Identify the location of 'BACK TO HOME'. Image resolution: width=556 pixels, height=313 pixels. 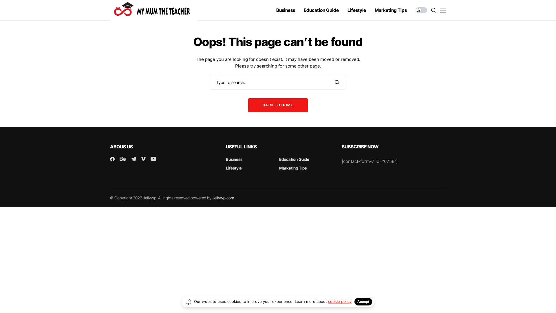
(277, 105).